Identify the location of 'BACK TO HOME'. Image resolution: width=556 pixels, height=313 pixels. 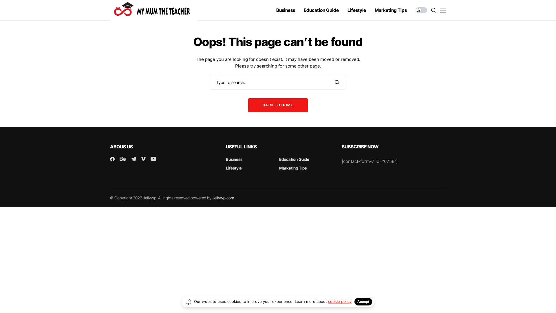
(277, 105).